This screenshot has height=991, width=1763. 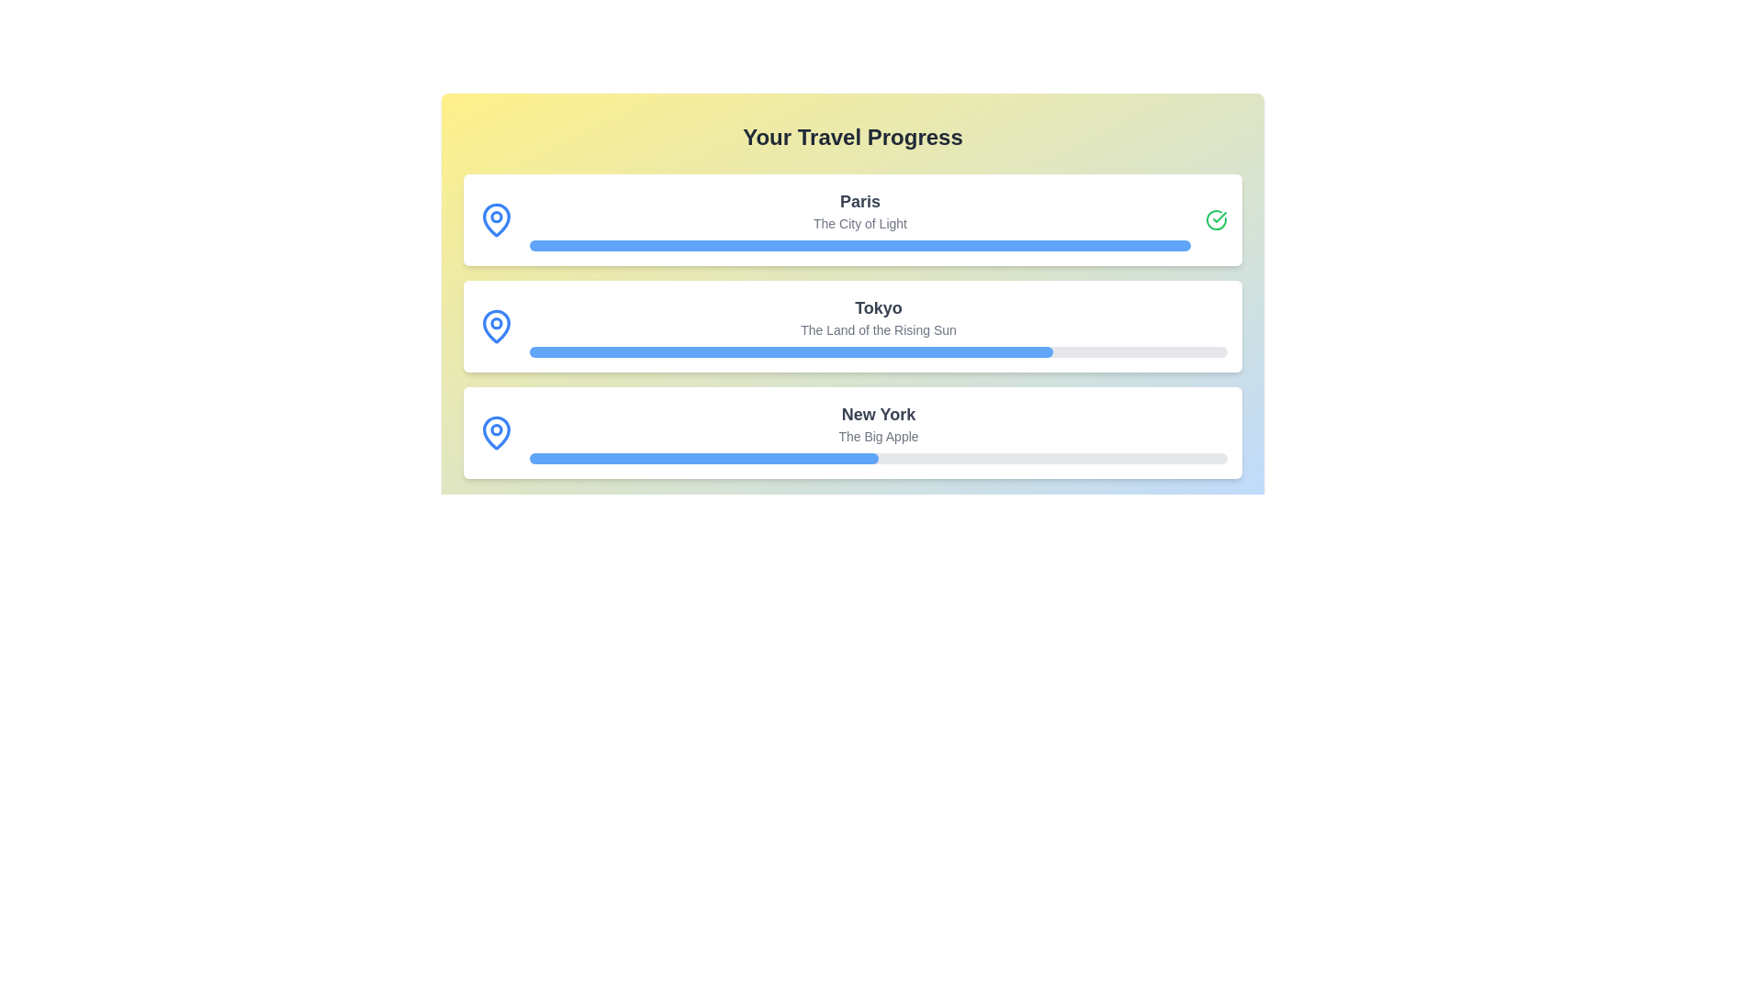 What do you see at coordinates (877, 414) in the screenshot?
I see `and interpret the text label displaying the title 'New York', which acts as a header in the third section of the vertically stacked list` at bounding box center [877, 414].